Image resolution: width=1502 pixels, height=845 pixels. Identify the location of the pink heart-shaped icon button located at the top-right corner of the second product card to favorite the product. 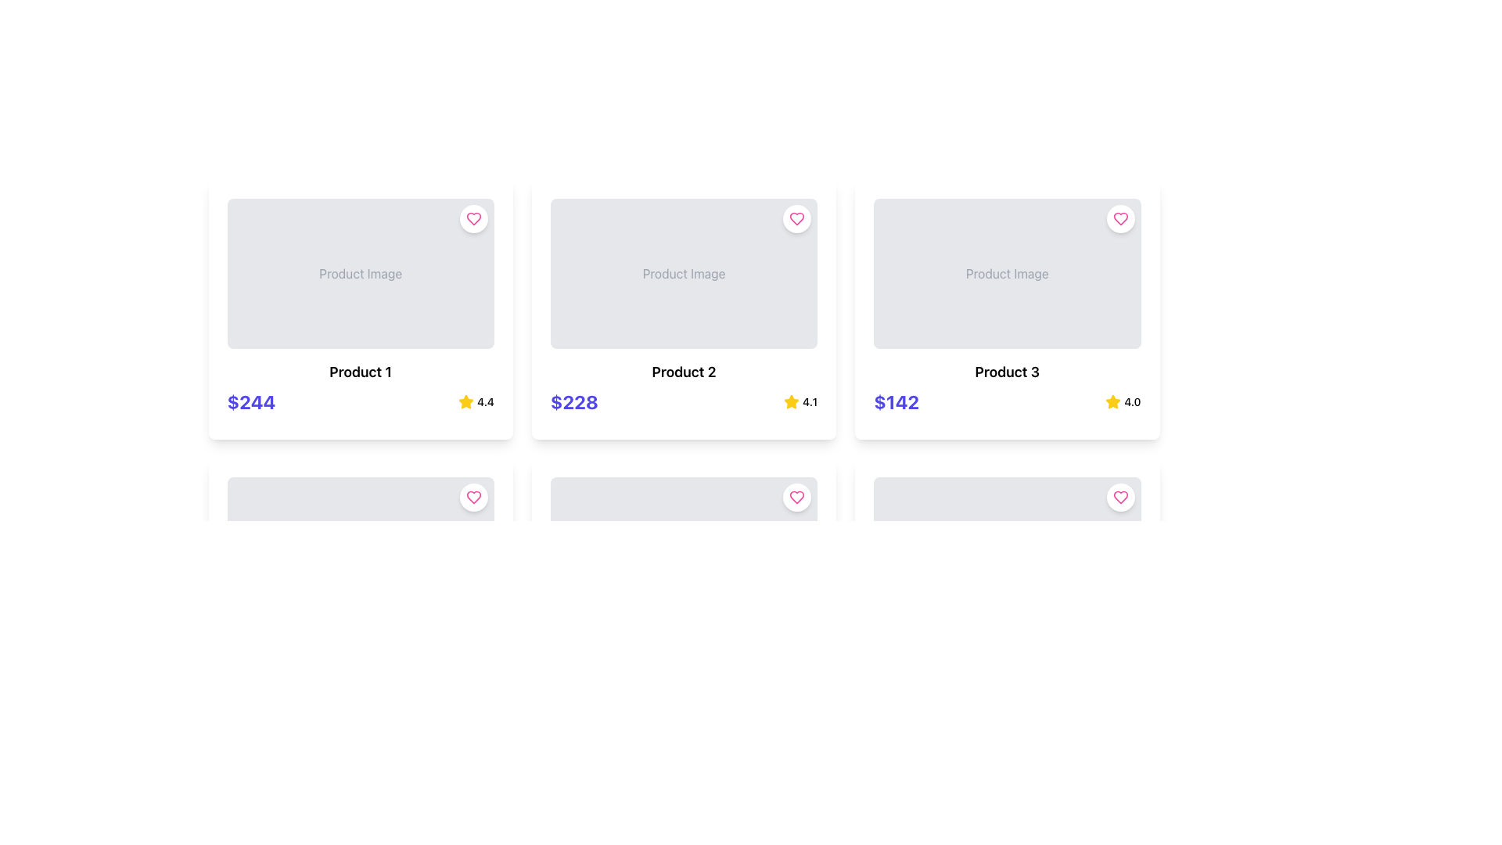
(797, 219).